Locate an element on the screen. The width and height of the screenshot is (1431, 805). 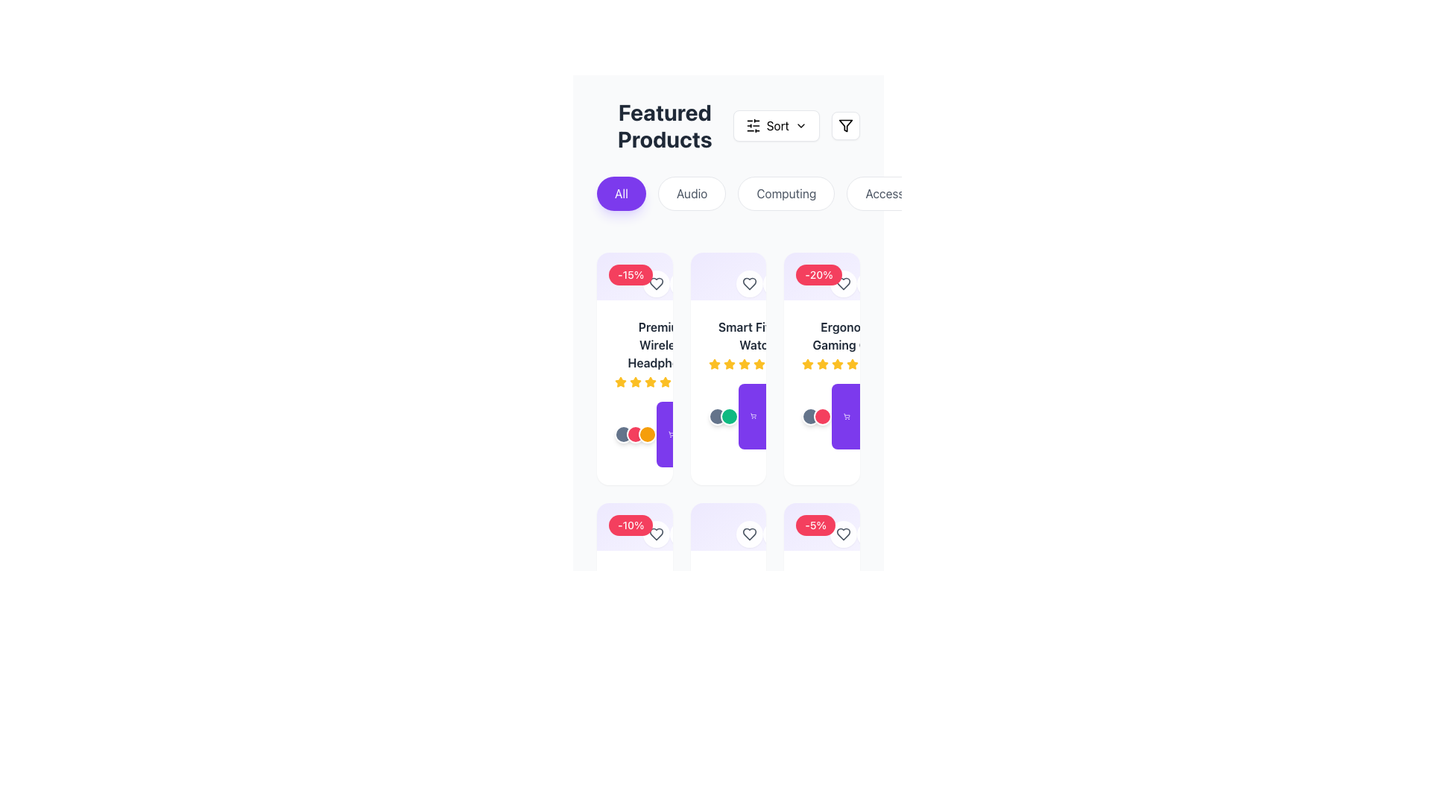
the leftmost button in the horizontal row of filtering options under 'Featured Products' is located at coordinates (622, 192).